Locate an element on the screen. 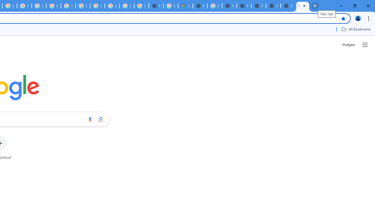 Image resolution: width=375 pixels, height=211 pixels. 'New Tab' is located at coordinates (302, 6).